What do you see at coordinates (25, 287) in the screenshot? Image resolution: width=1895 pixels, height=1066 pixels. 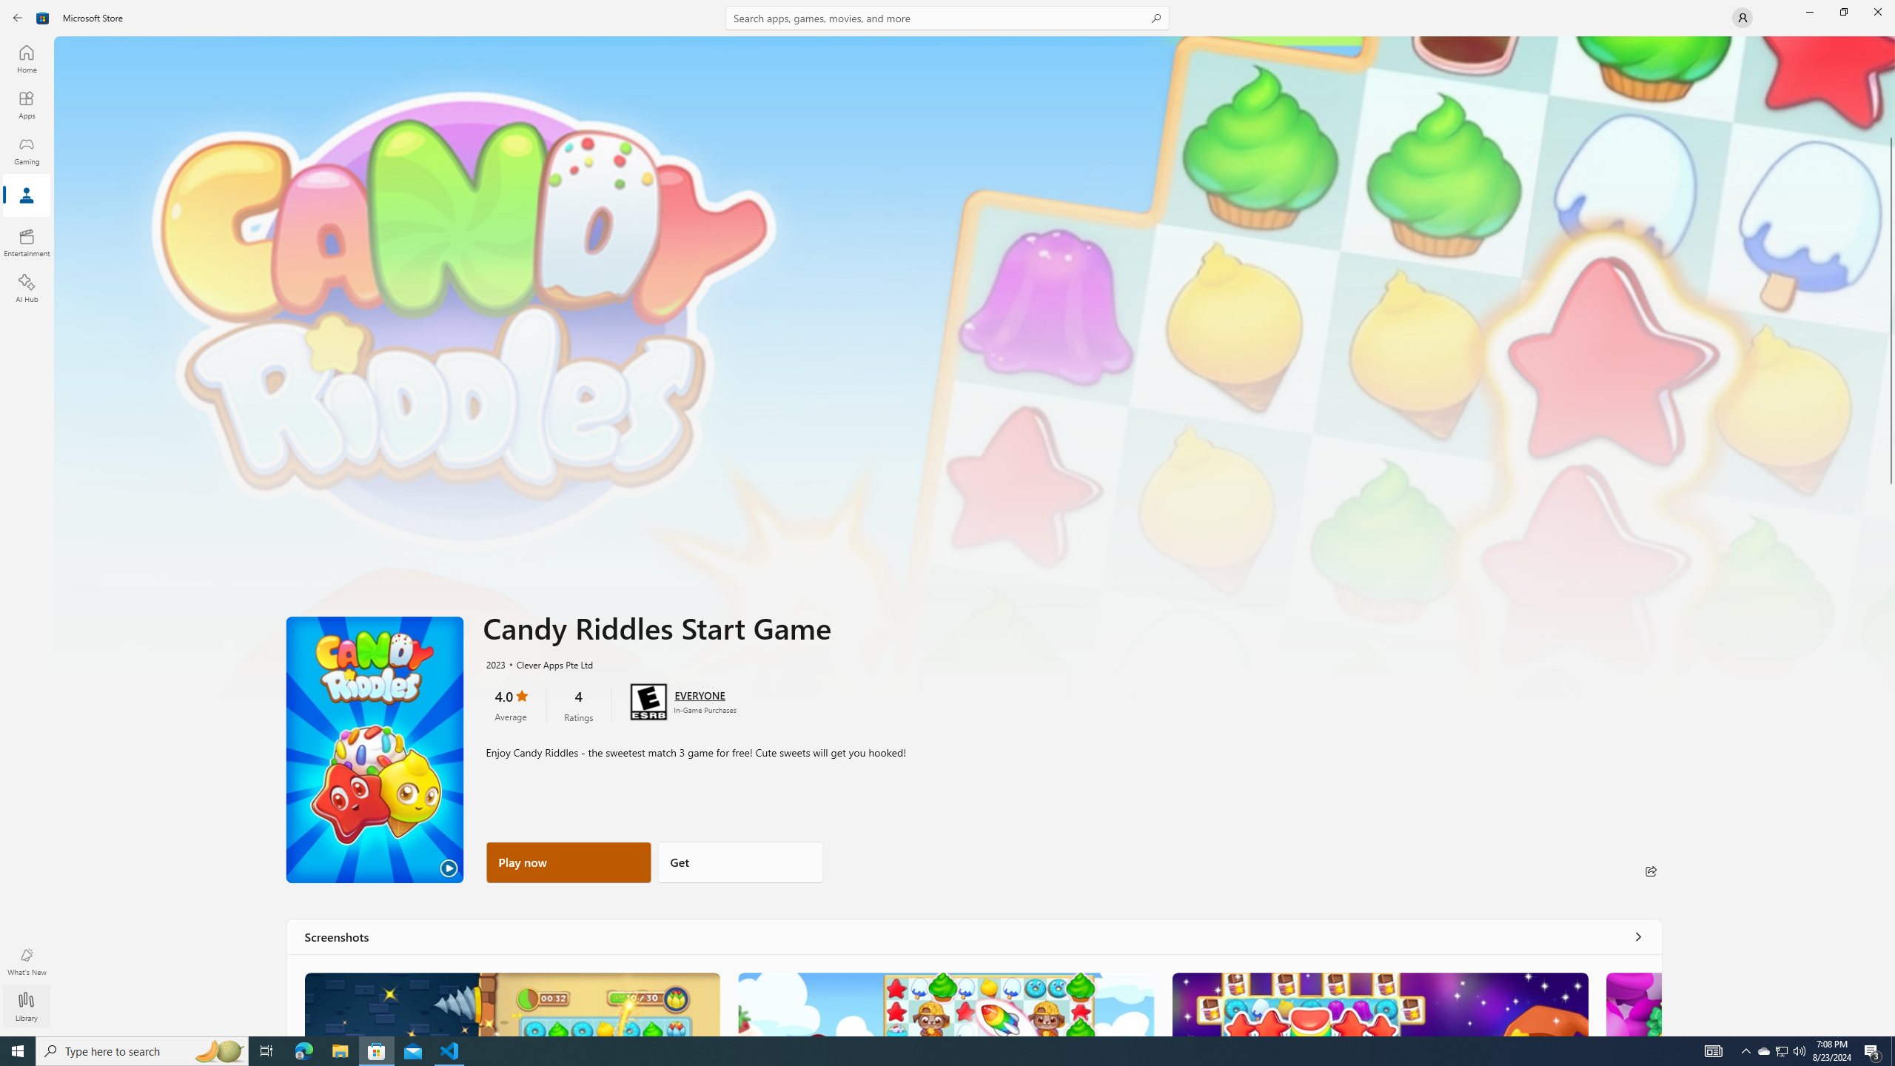 I see `'AI Hub'` at bounding box center [25, 287].